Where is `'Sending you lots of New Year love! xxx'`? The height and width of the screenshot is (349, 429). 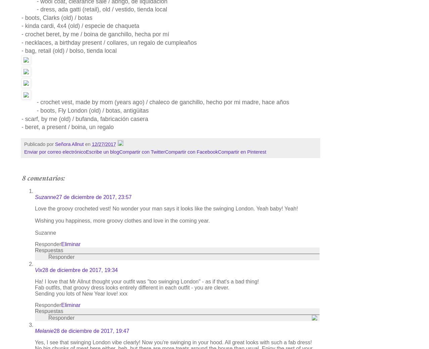
'Sending you lots of New Year love! xxx' is located at coordinates (35, 294).